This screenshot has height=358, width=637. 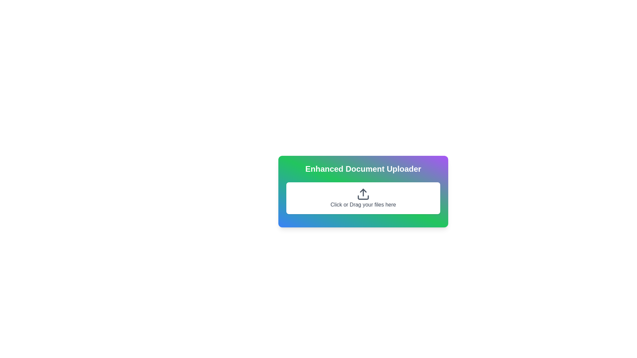 I want to click on the lower curved line of the upload icon in the SVG graphic, which is positioned below the arrowhead and centered horizontally within the icon, so click(x=363, y=197).